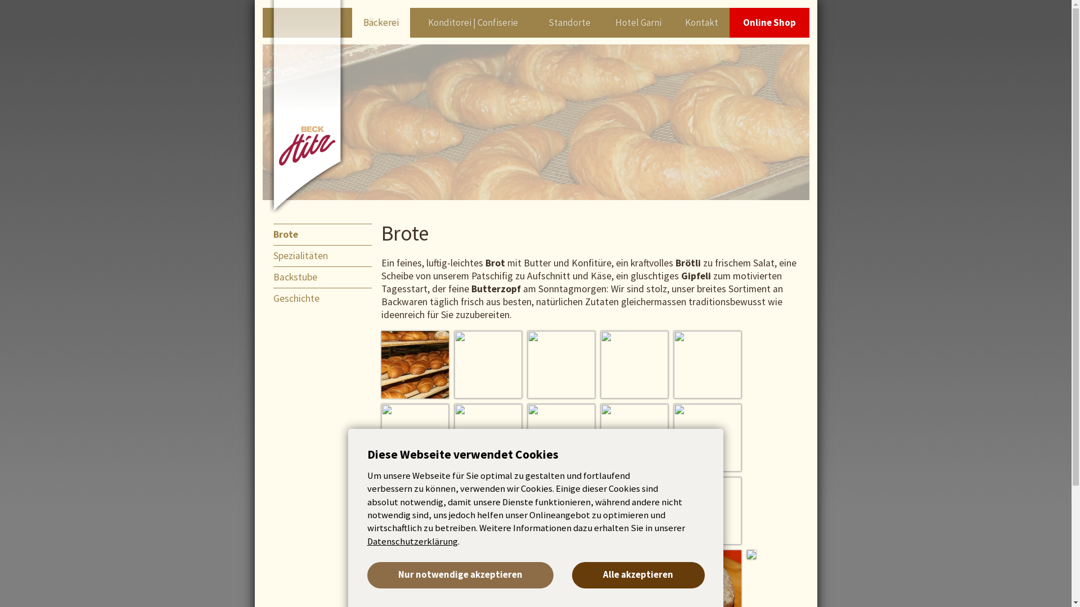  What do you see at coordinates (327, 298) in the screenshot?
I see `'Geschichte'` at bounding box center [327, 298].